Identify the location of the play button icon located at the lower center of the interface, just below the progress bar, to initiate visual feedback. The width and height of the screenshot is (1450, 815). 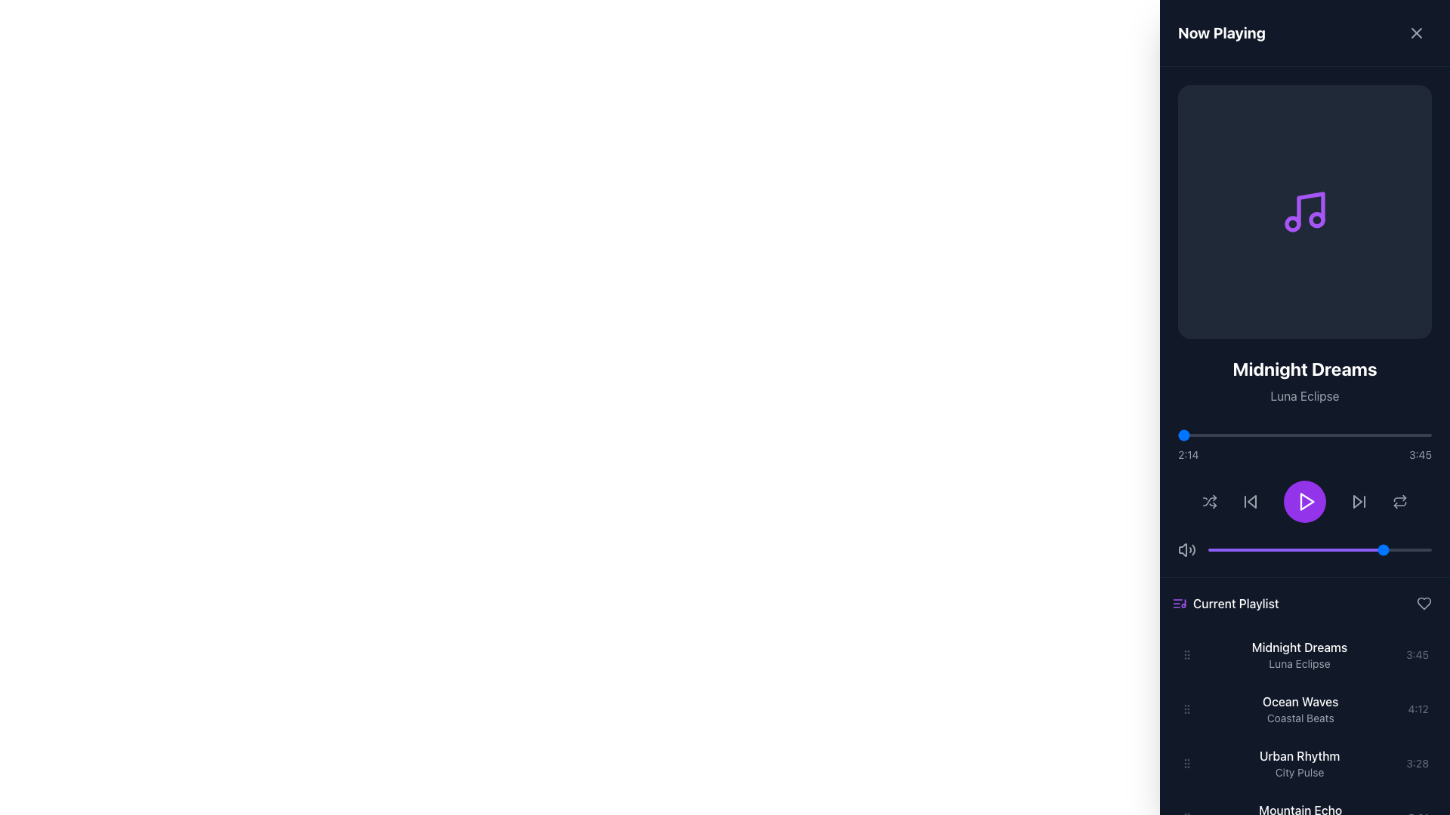
(1307, 501).